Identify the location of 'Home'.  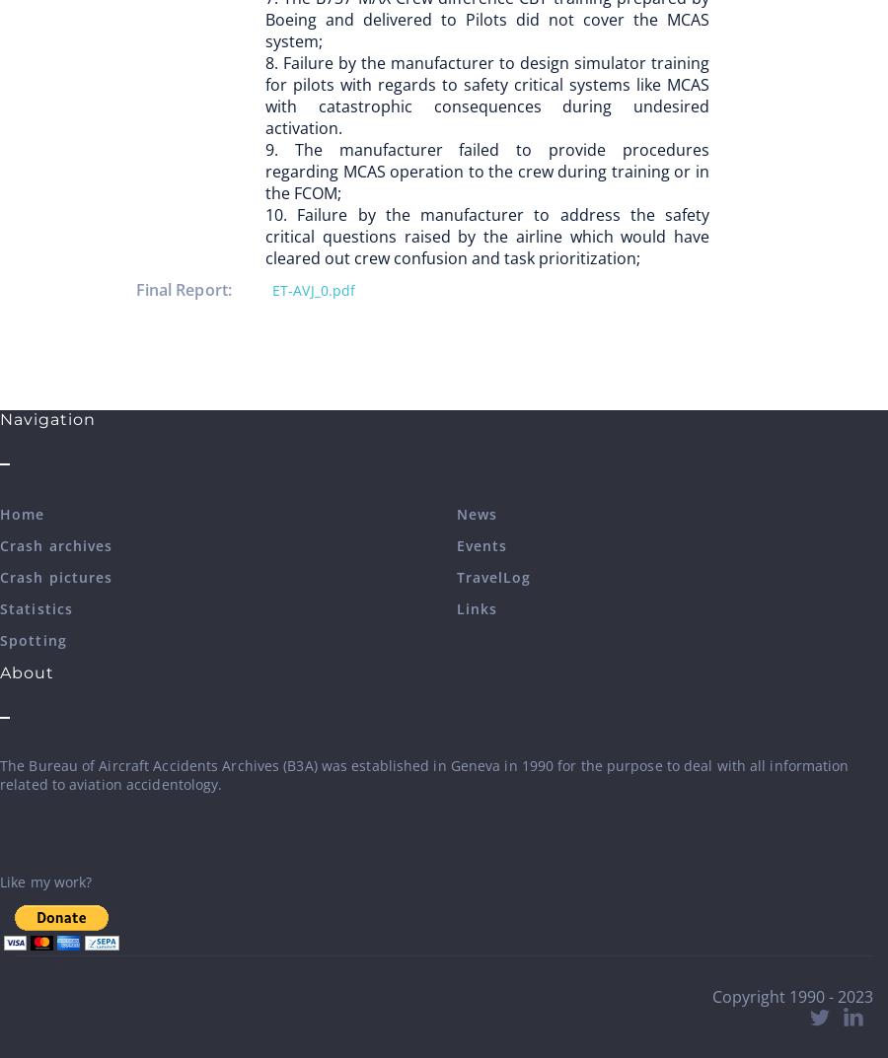
(21, 513).